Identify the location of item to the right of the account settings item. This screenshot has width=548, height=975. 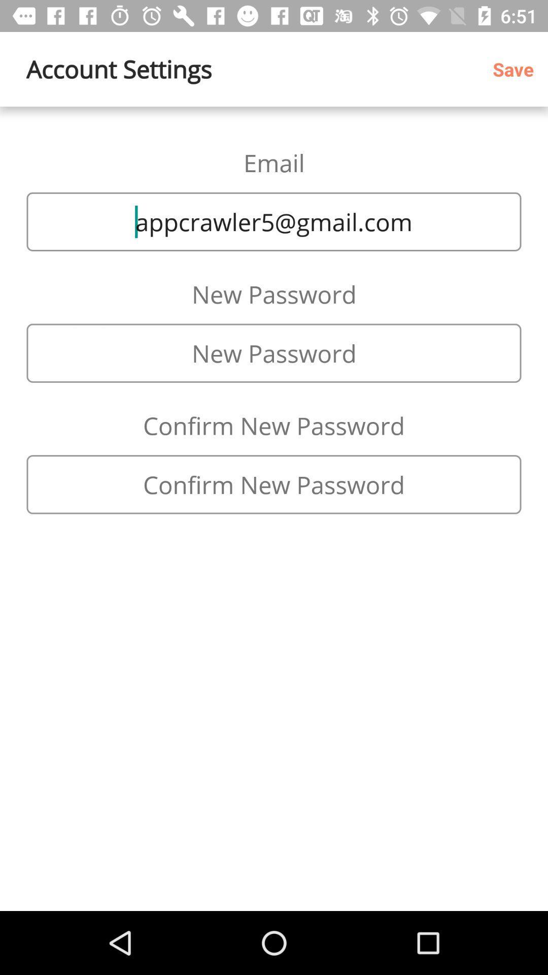
(517, 69).